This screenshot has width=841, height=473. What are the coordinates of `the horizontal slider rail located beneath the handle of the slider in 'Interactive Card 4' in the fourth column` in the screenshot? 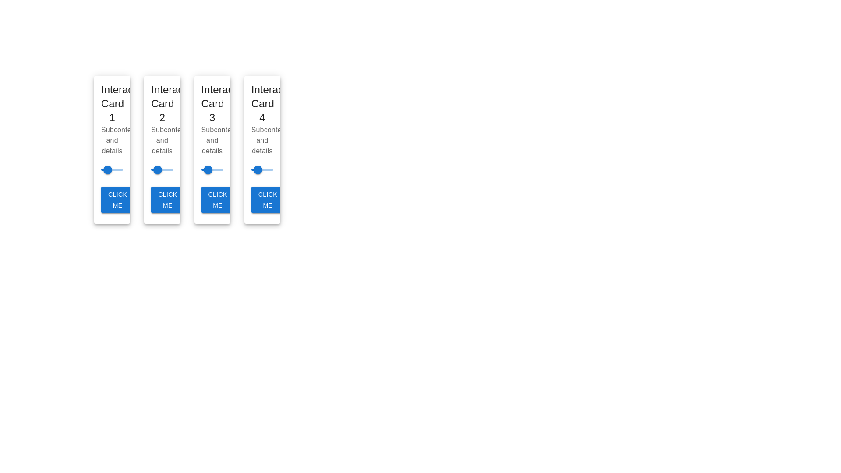 It's located at (261, 170).